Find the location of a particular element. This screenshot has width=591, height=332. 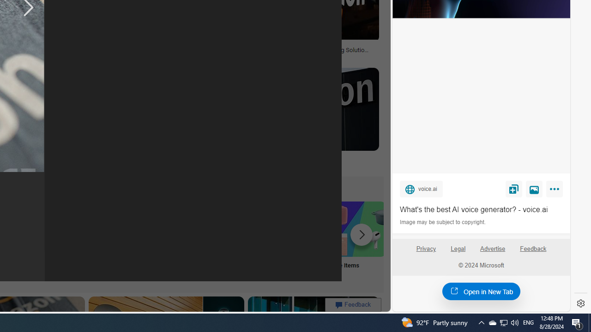

'Advertise' is located at coordinates (492, 252).